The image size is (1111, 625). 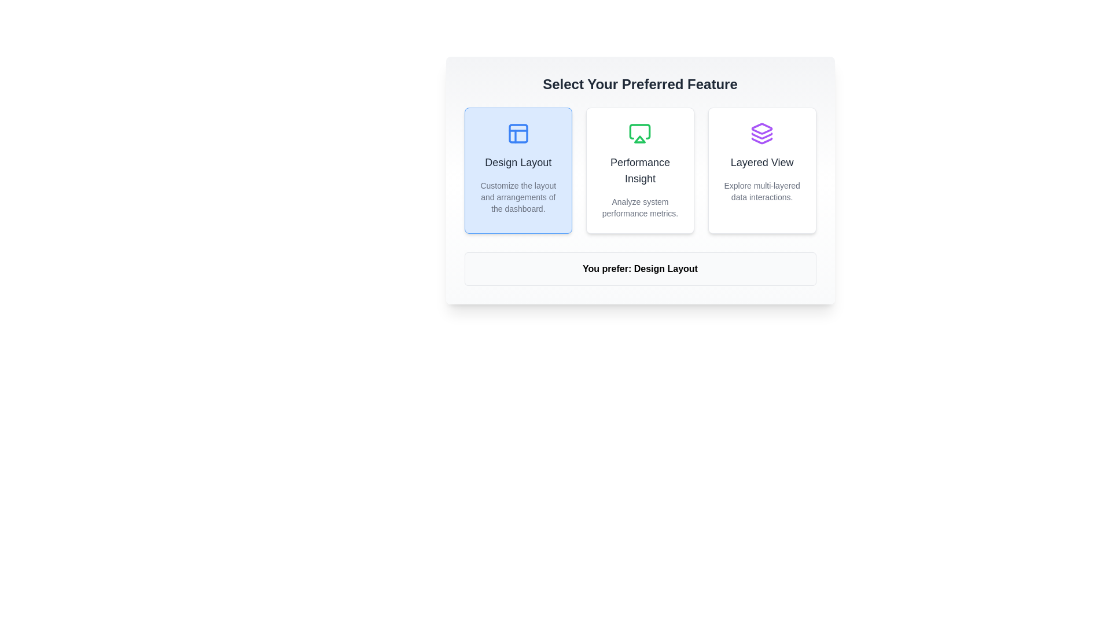 What do you see at coordinates (517, 133) in the screenshot?
I see `the primary rectangular section within the 'Design Layout' option card in the interface` at bounding box center [517, 133].